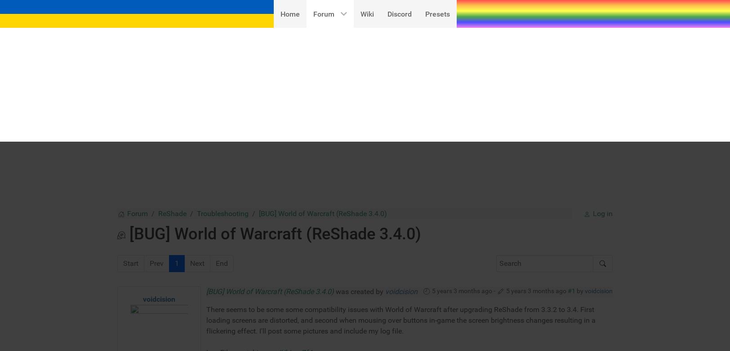 The height and width of the screenshot is (351, 730). What do you see at coordinates (219, 210) in the screenshot?
I see `'Log File:'` at bounding box center [219, 210].